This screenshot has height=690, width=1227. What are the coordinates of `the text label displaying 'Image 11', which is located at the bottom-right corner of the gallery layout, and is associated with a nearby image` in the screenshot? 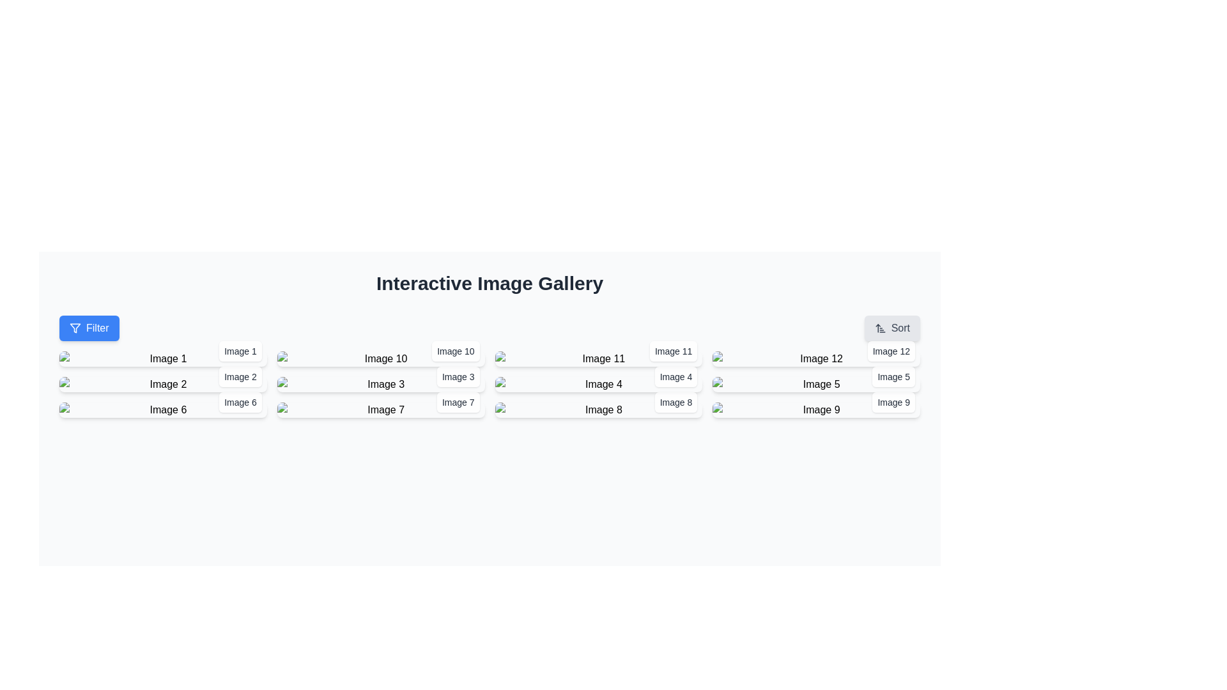 It's located at (673, 351).